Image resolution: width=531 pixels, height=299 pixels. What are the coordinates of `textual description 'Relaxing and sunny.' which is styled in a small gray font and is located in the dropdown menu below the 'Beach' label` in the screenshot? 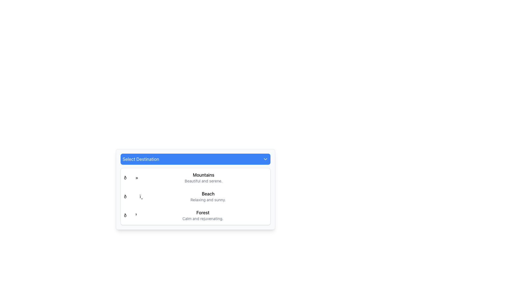 It's located at (208, 200).